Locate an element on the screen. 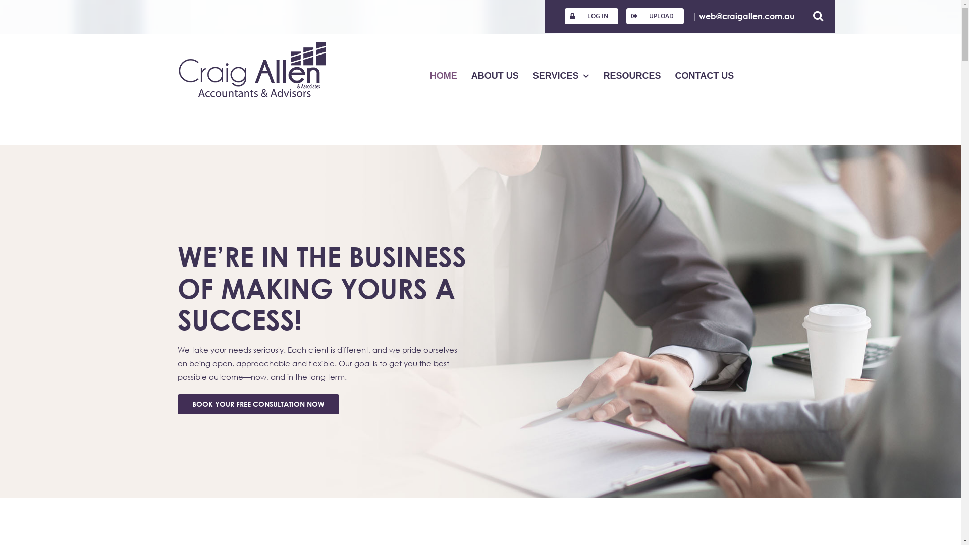 Image resolution: width=969 pixels, height=545 pixels. 'Search' is located at coordinates (823, 16).